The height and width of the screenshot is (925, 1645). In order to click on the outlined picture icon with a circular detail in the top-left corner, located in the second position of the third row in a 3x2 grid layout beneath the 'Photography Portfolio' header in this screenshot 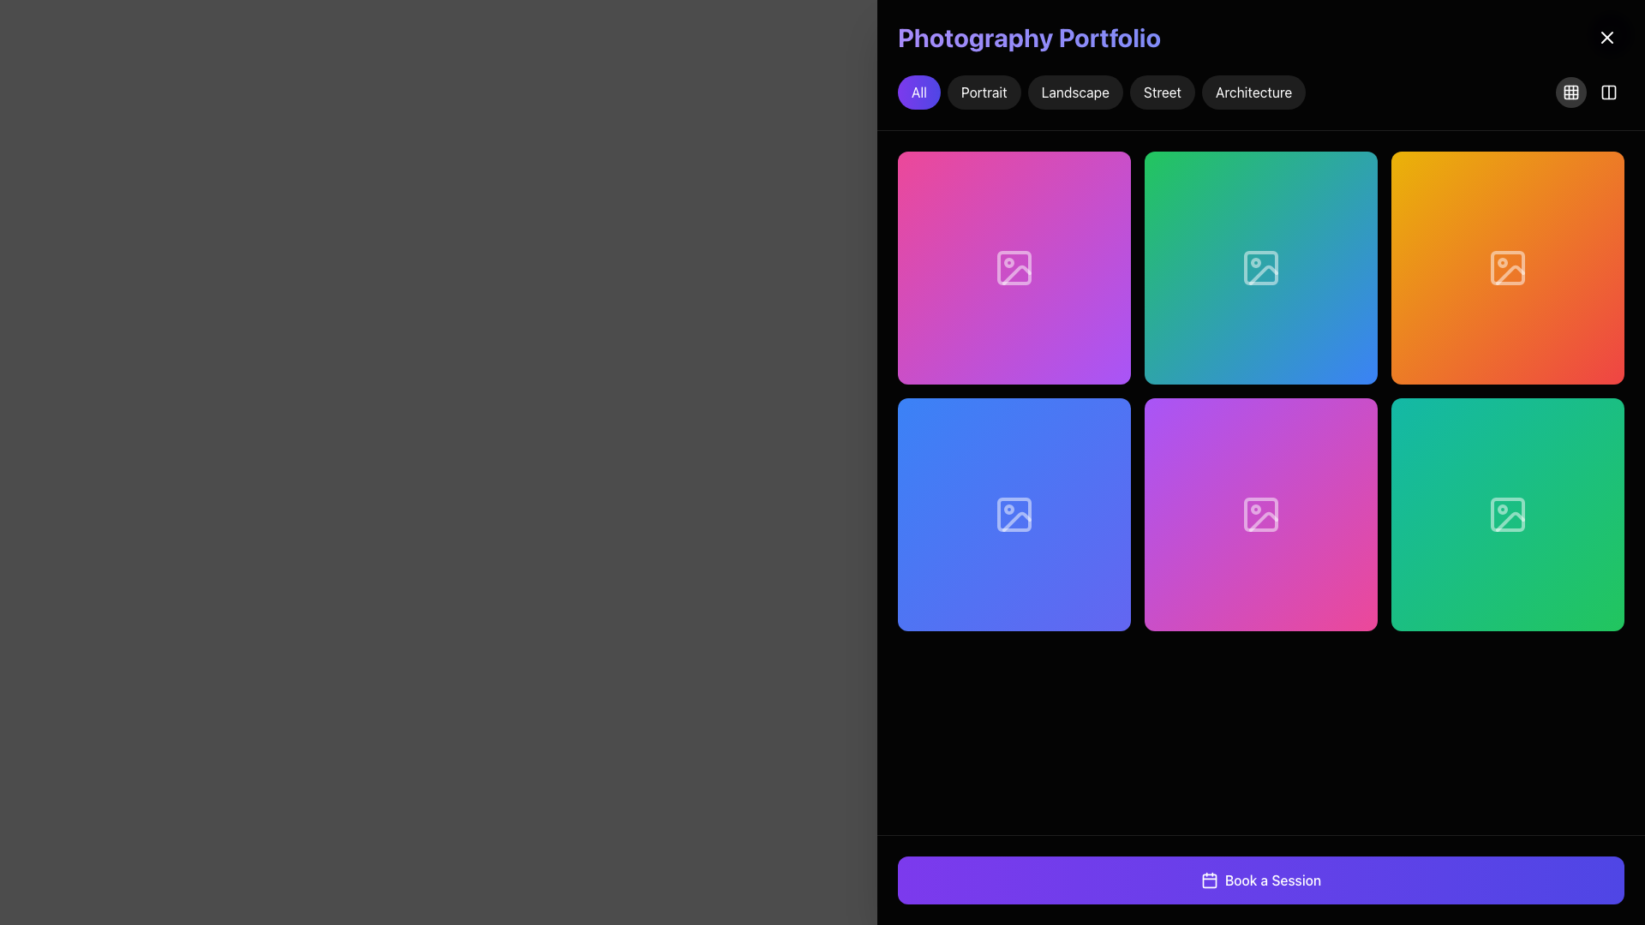, I will do `click(1508, 267)`.